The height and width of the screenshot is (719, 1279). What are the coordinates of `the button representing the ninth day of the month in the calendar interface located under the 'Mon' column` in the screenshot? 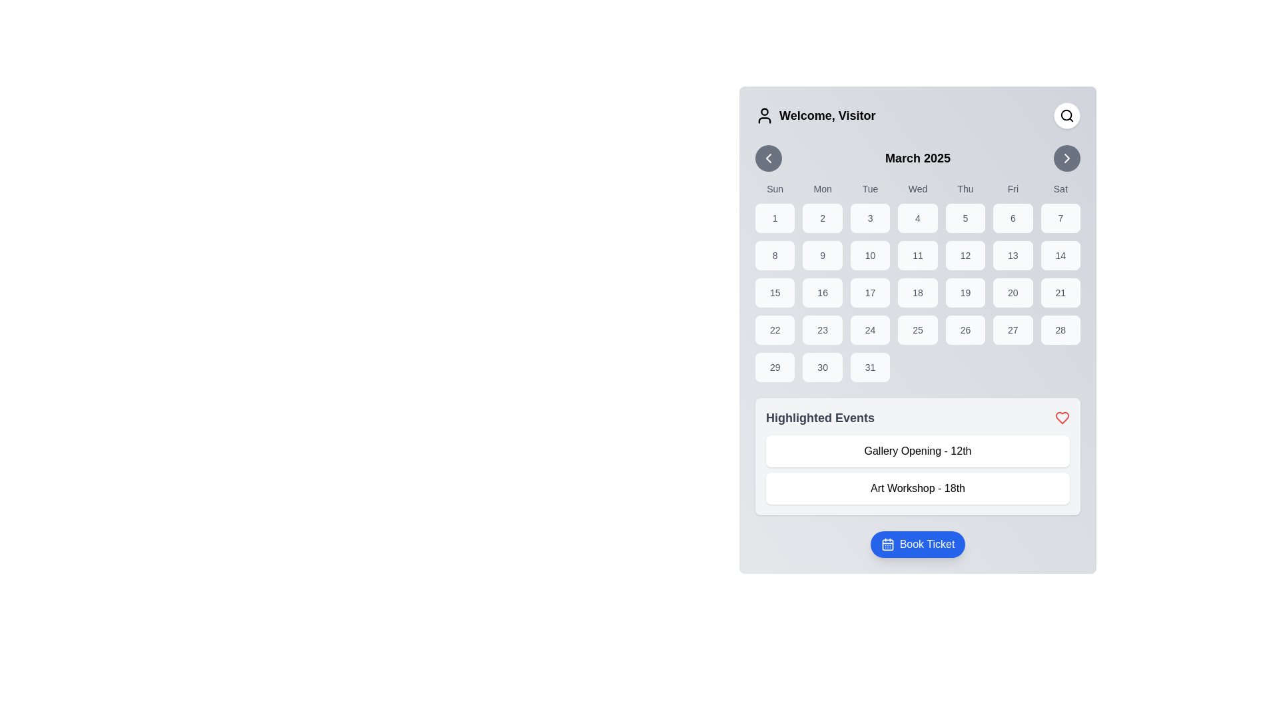 It's located at (822, 256).